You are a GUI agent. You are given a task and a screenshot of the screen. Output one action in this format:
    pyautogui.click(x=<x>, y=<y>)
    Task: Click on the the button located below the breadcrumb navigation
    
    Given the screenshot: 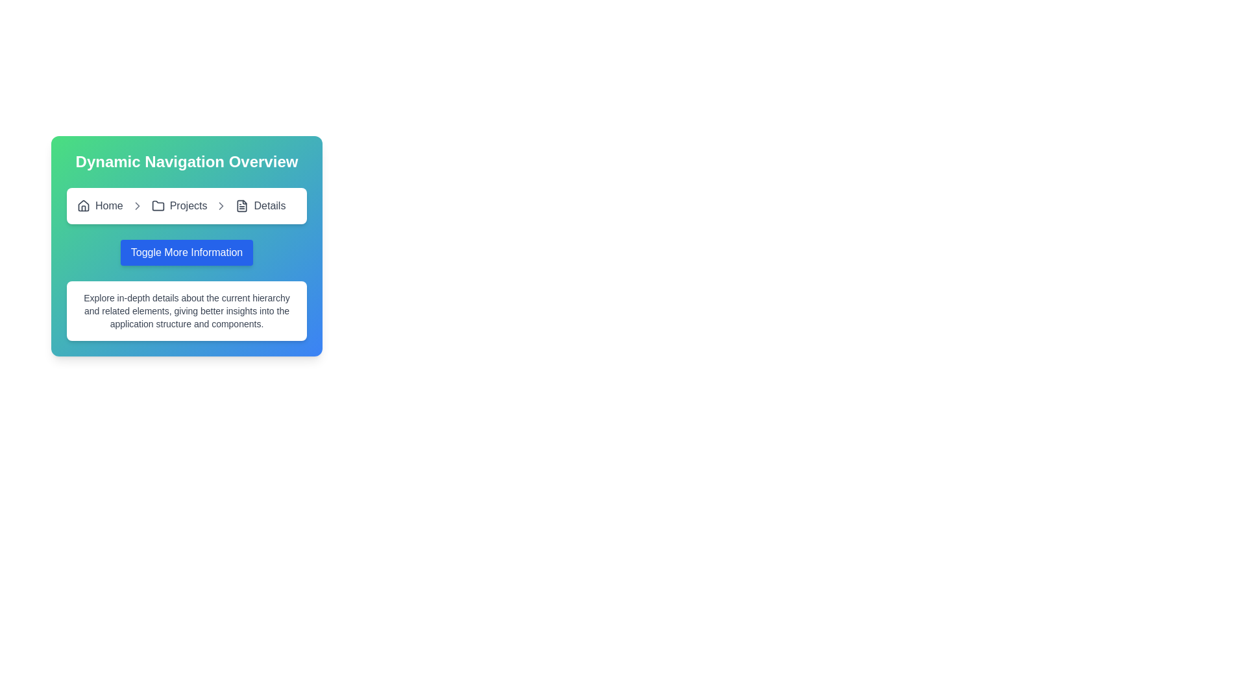 What is the action you would take?
    pyautogui.click(x=186, y=252)
    